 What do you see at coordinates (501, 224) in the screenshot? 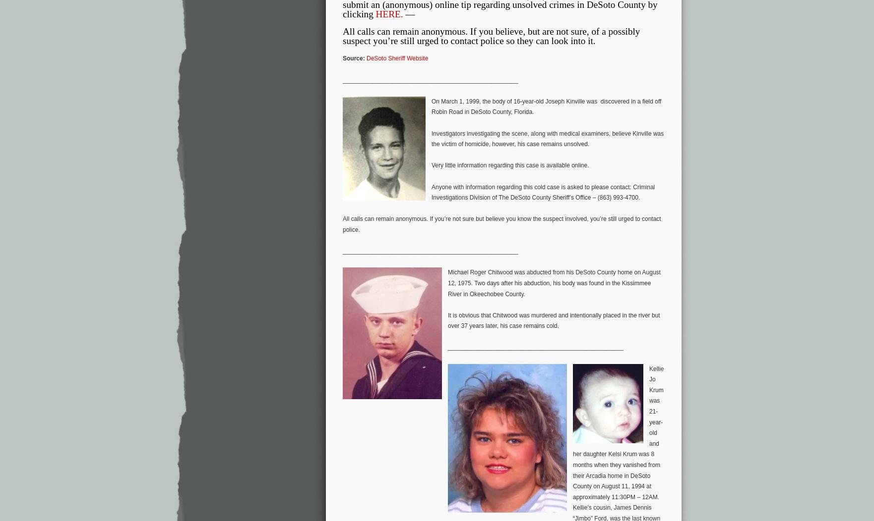
I see `'All calls can remain anonymous. If you’re not sure but believe you know the suspect involved, you’re still urged to contact police.'` at bounding box center [501, 224].